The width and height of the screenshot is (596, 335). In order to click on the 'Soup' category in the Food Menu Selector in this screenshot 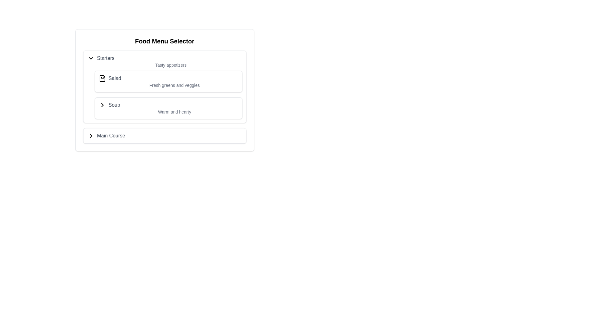, I will do `click(165, 97)`.